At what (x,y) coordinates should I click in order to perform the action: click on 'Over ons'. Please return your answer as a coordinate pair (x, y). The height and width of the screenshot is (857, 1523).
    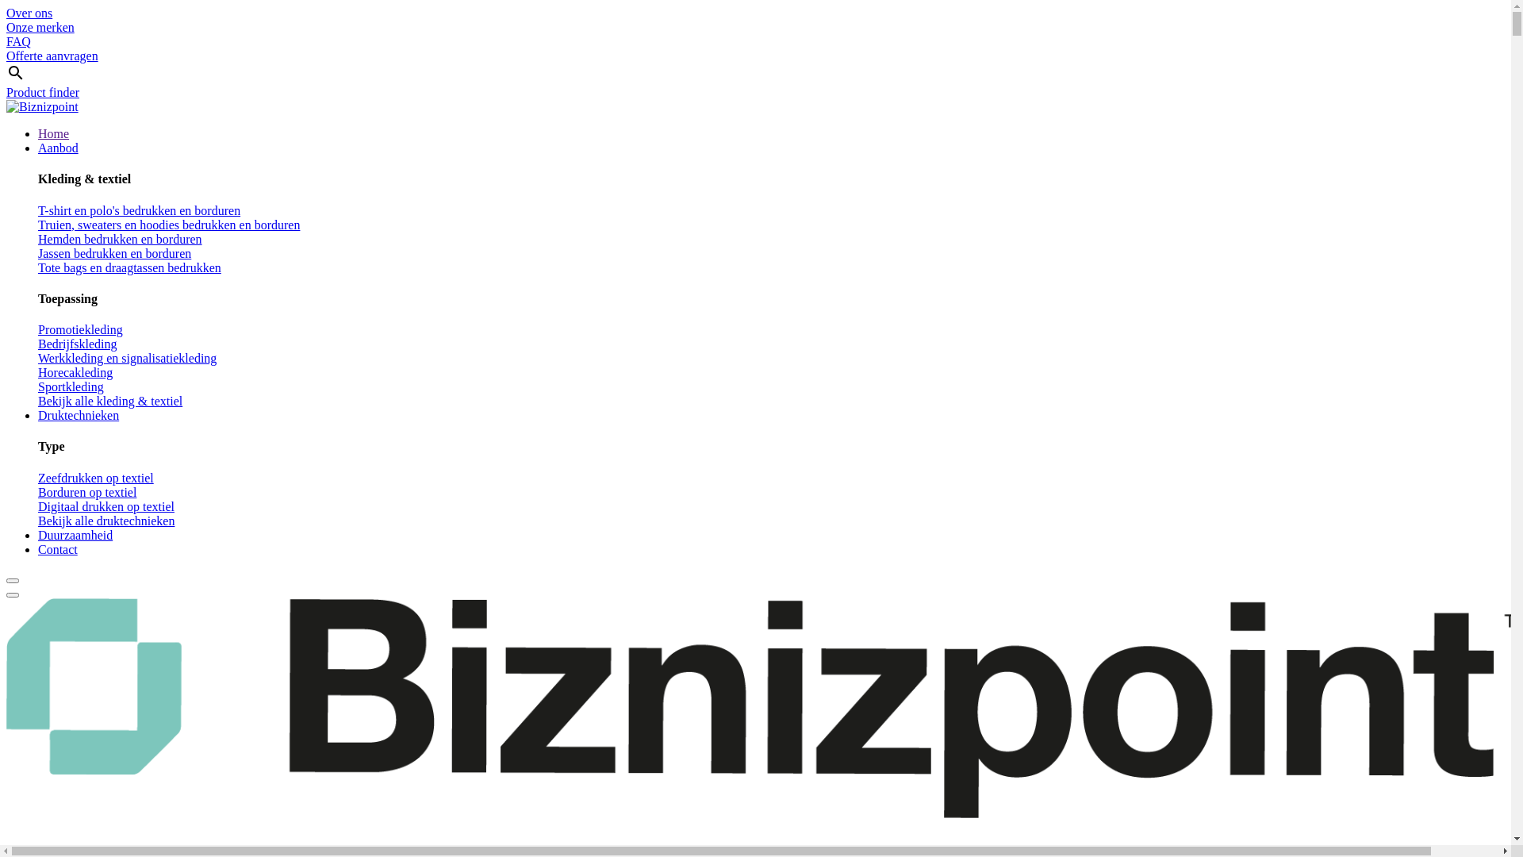
    Looking at the image, I should click on (29, 13).